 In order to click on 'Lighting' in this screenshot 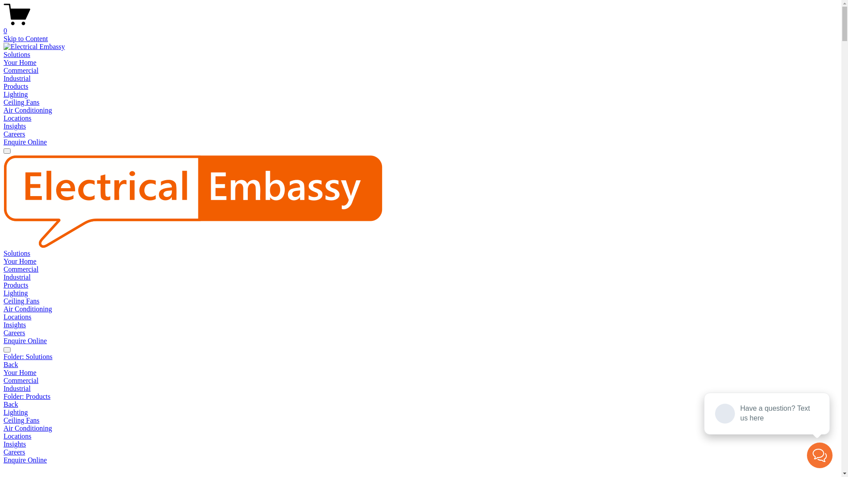, I will do `click(15, 293)`.